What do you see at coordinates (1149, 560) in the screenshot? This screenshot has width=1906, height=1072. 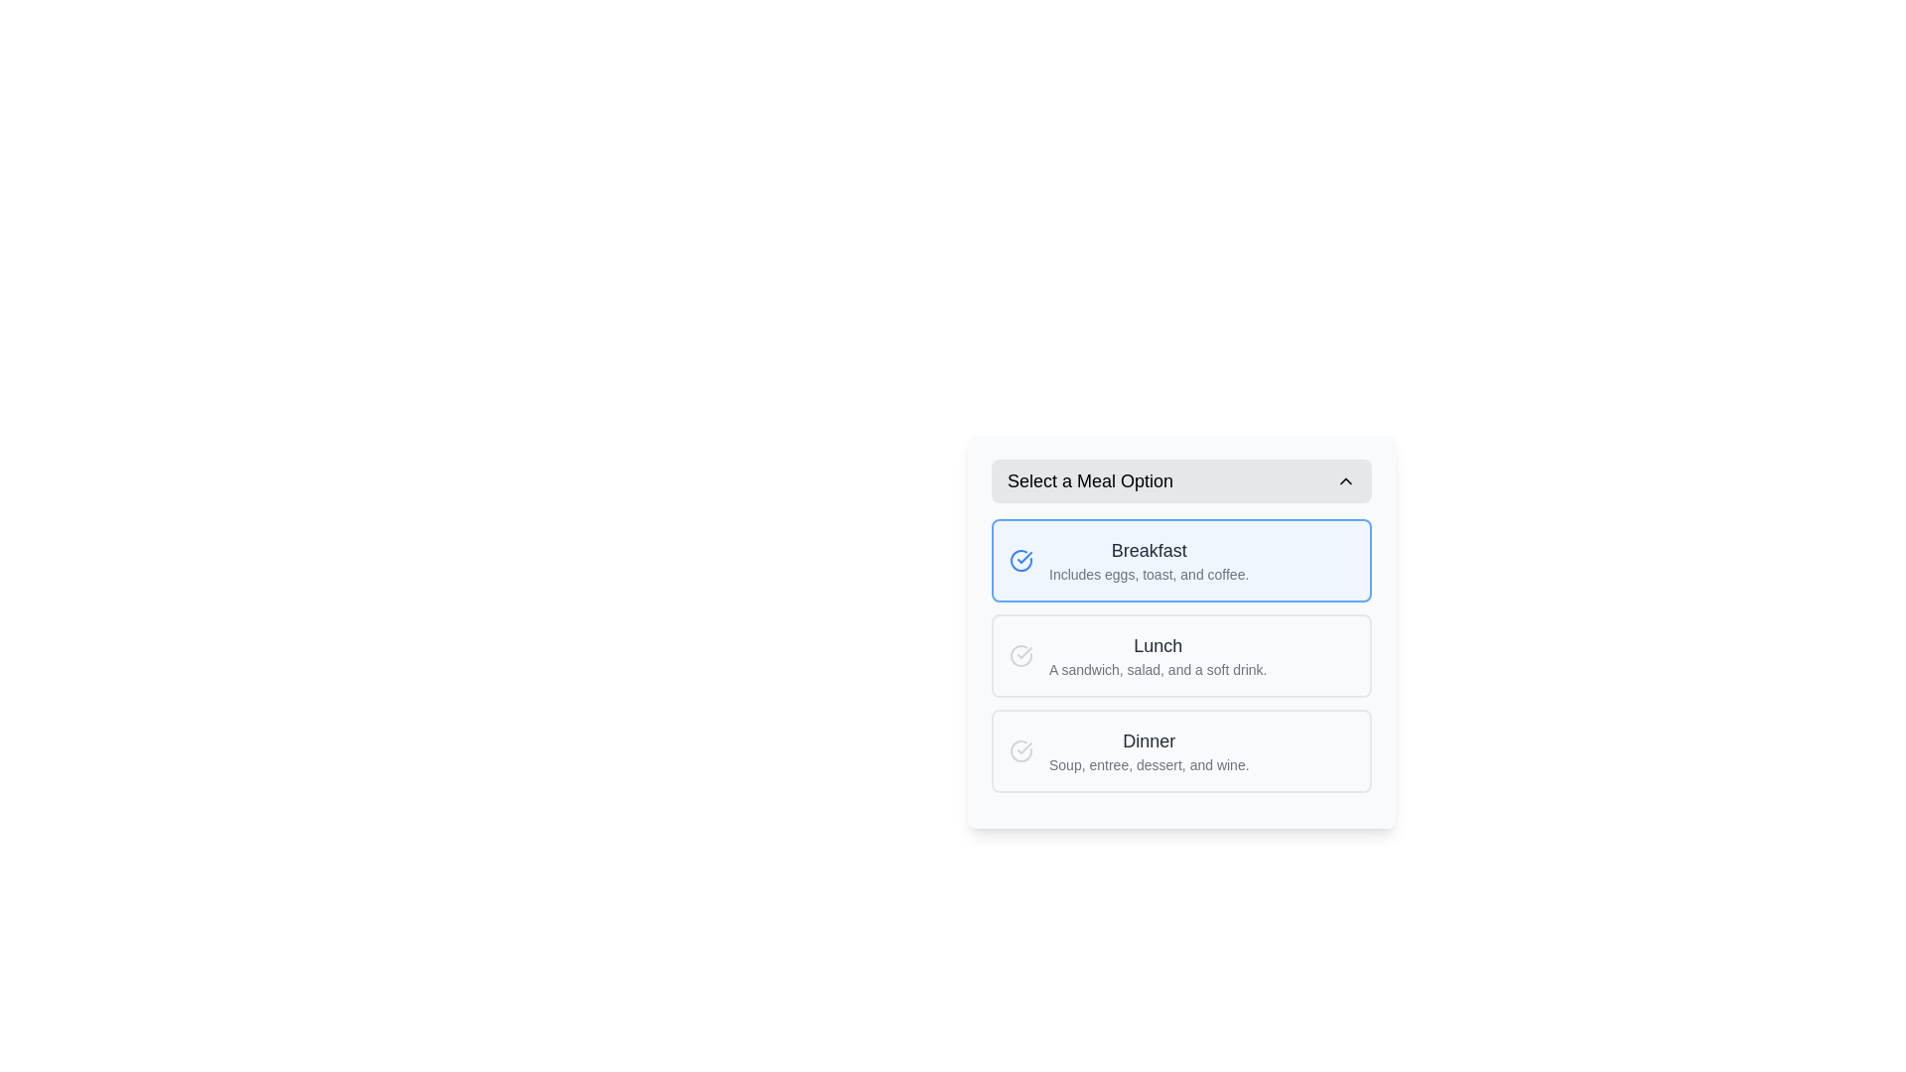 I see `the Information display component that shows 'BreakfastIncludes eggs, toast, and coffee.' located centrally within the highlighted meal option card at the second position from the top of the list of options` at bounding box center [1149, 560].